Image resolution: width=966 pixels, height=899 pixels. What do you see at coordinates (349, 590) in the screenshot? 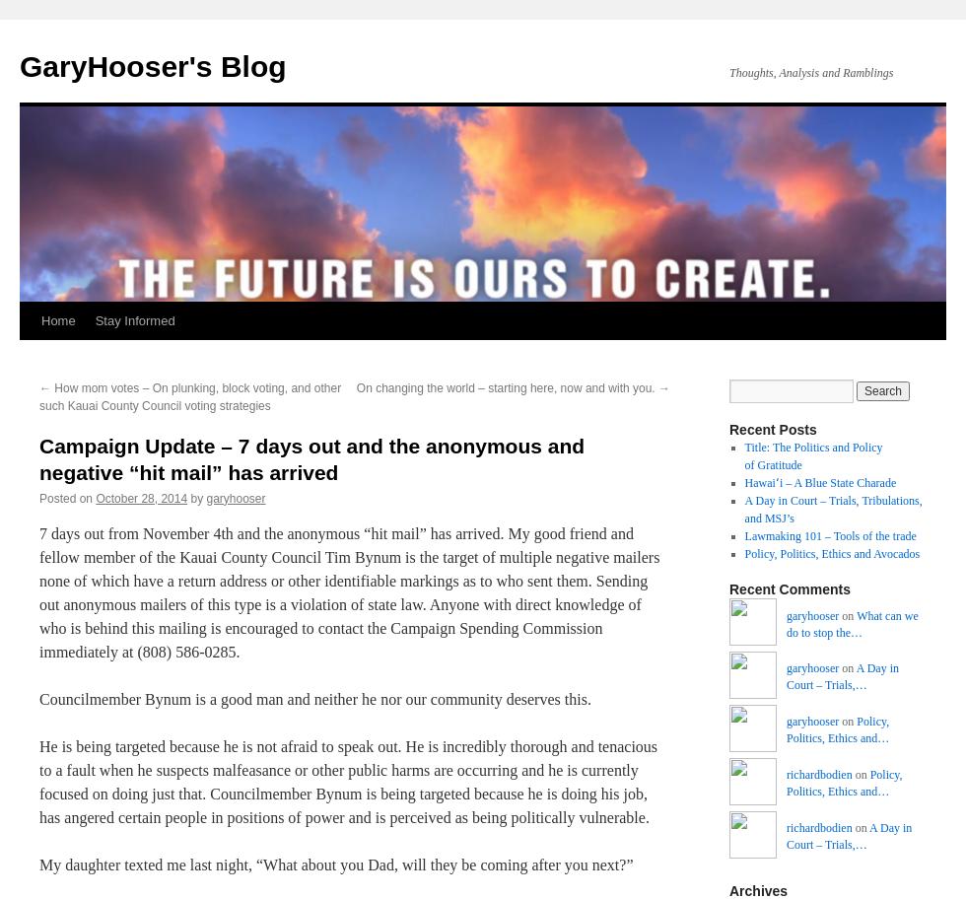
I see `'7 days out from November 4th and the anonymous “hit mail” has arrived. My good friend and fellow member of the Kauai County Council Tim Bynum is the target of multiple negative mailers none of which have a return address or other identifiable markings as to who sent them. Sending out anonymous mailers of this type is a violation of state law. Anyone with direct knowledge of who is behind this mailing is encouraged to contact the Campaign Spending Commission immediately at (808) 586-0285.'` at bounding box center [349, 590].